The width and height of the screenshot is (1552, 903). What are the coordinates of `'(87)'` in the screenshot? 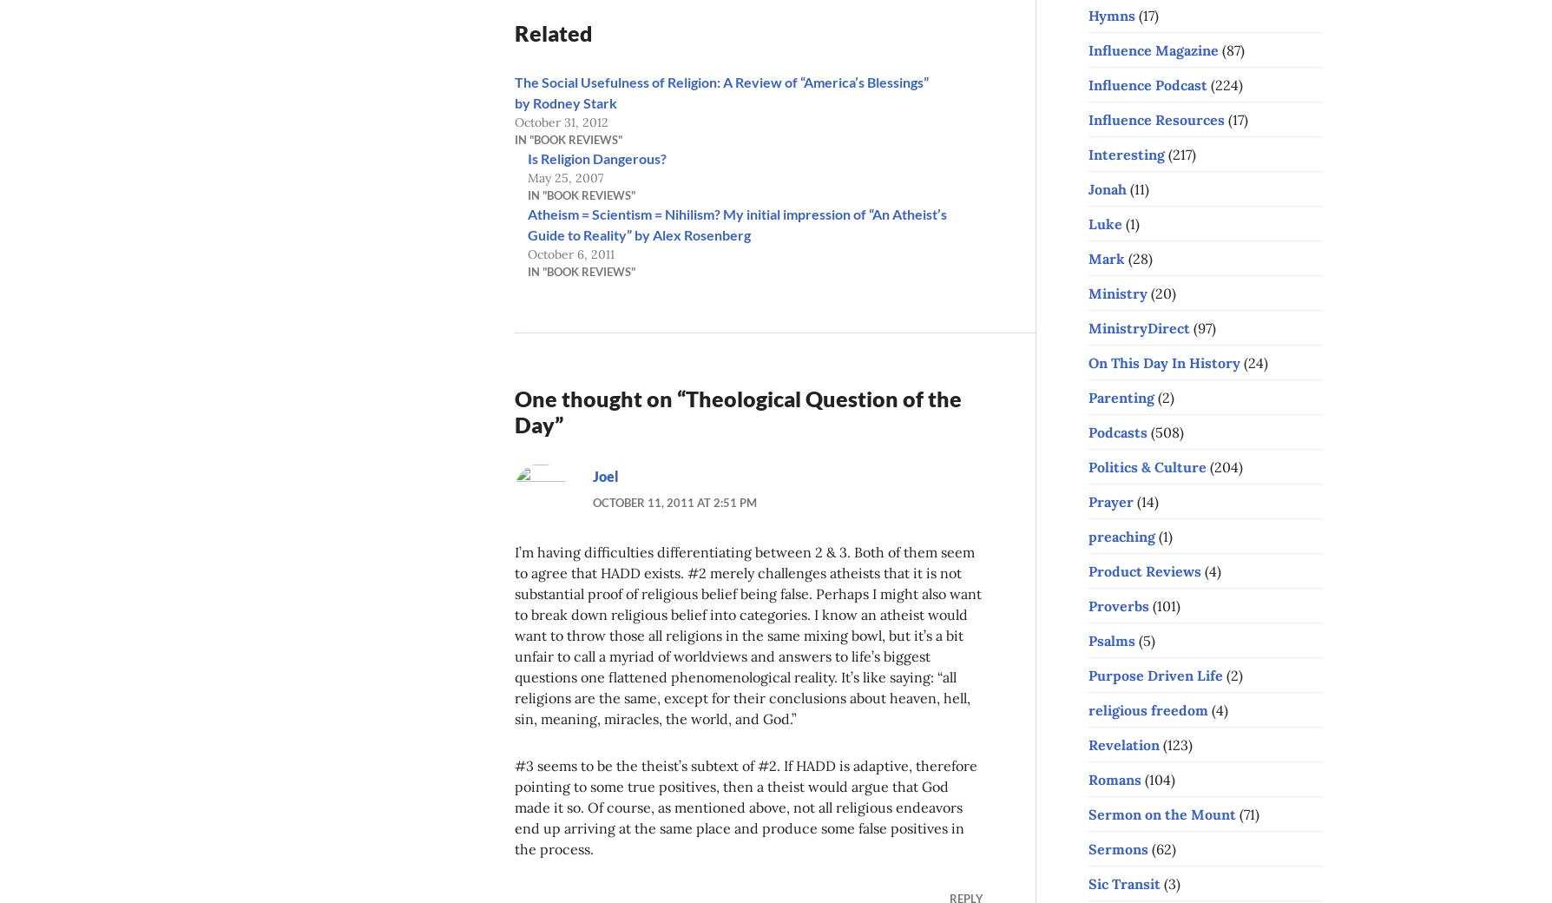 It's located at (1231, 48).